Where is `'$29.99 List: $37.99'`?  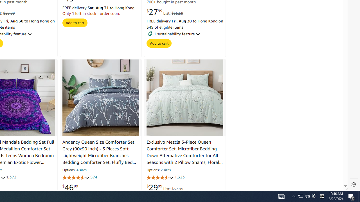 '$29.99 List: $37.99' is located at coordinates (165, 187).